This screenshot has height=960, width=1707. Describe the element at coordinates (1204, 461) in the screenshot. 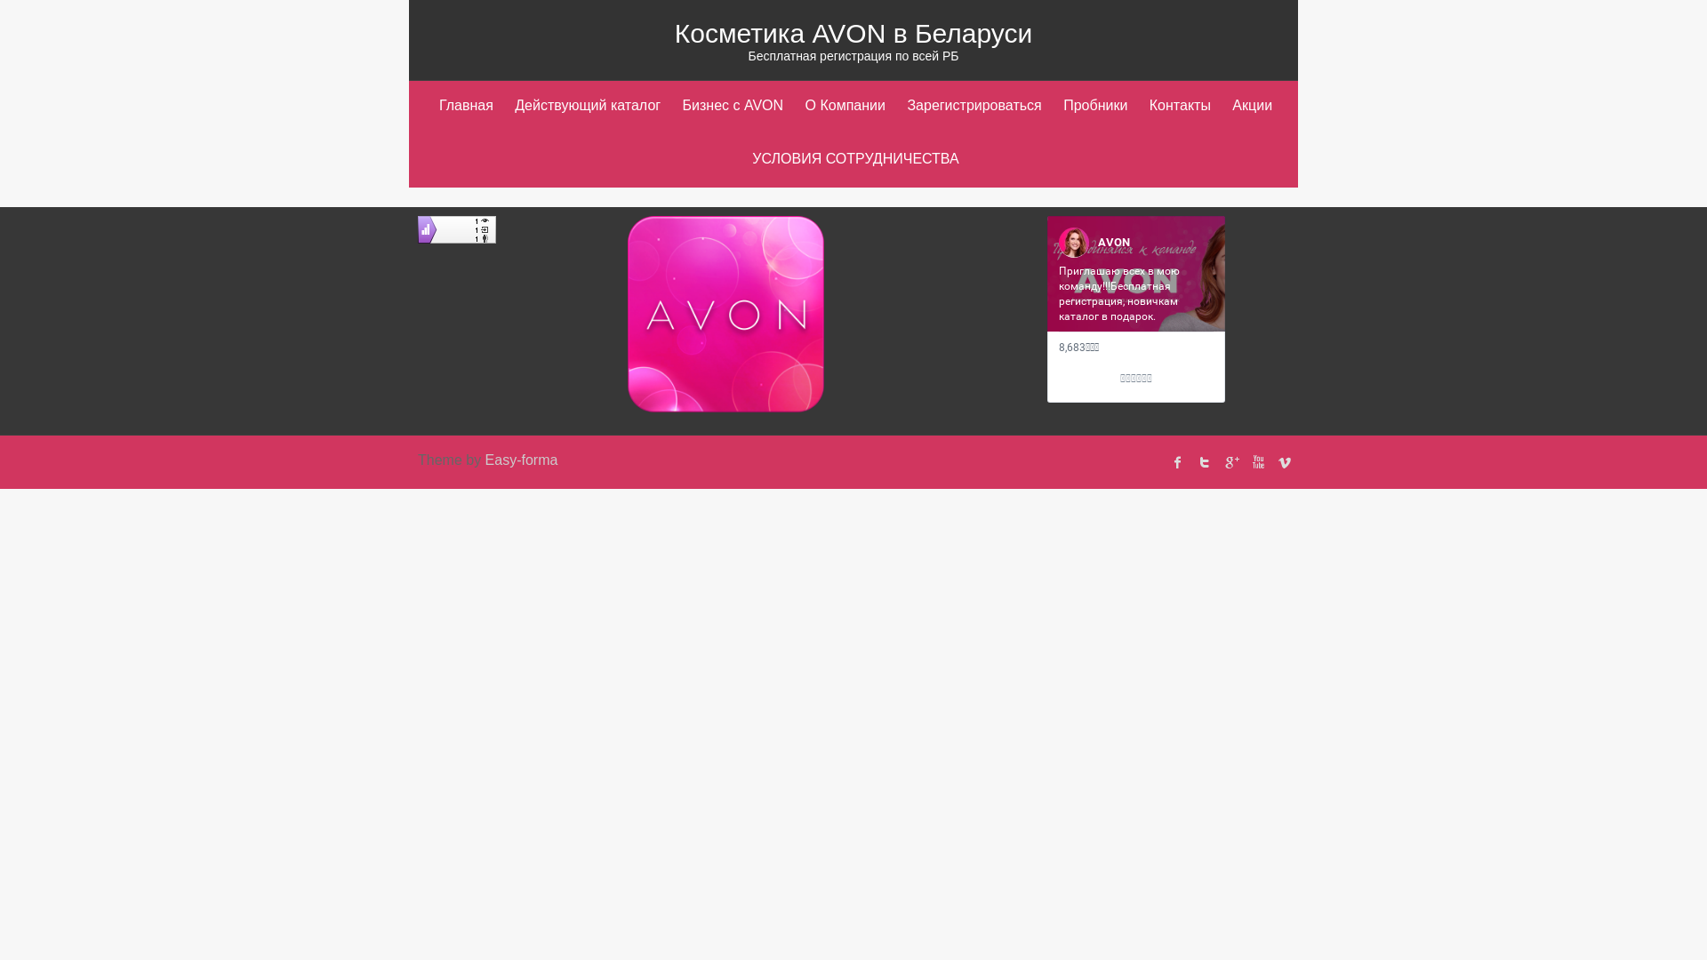

I see `'twitter'` at that location.